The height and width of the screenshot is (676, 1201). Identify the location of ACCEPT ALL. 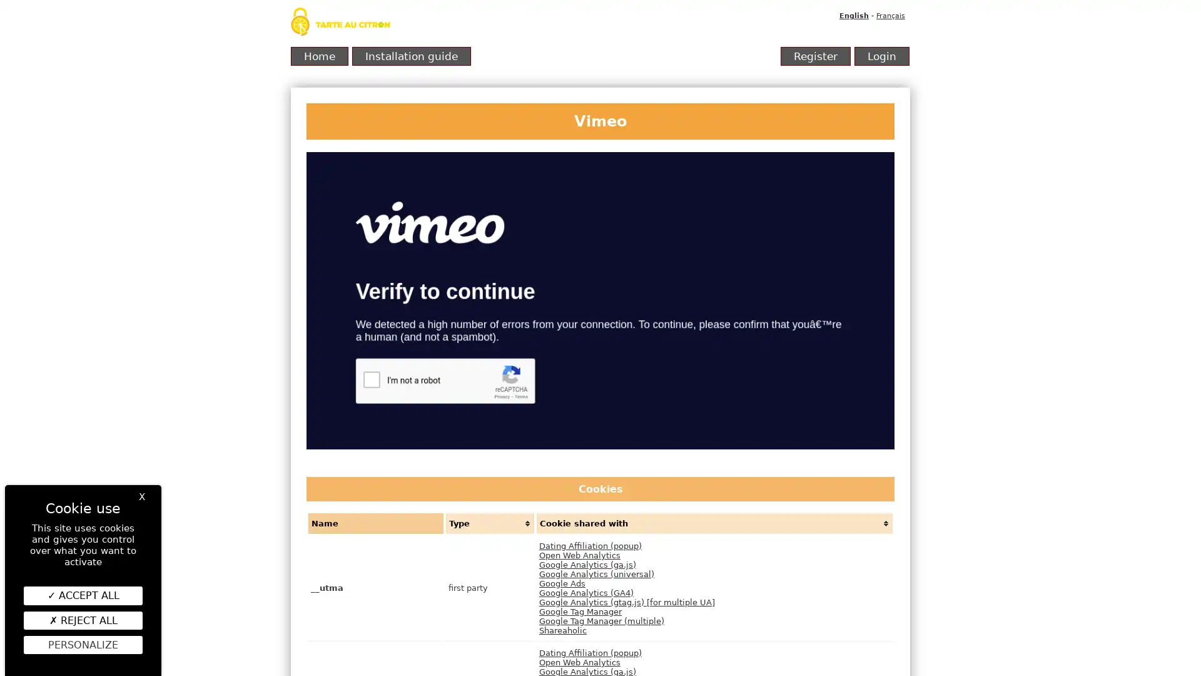
(83, 595).